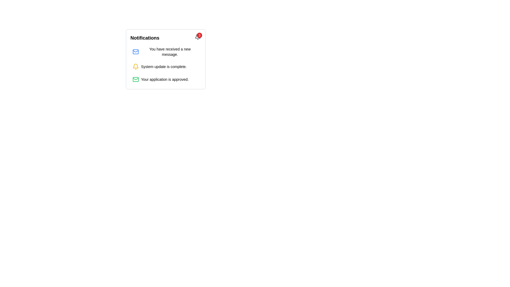 This screenshot has height=287, width=510. Describe the element at coordinates (135, 79) in the screenshot. I see `the envelope icon with green outlines located inside the notification card at the top left corner, above the message description` at that location.